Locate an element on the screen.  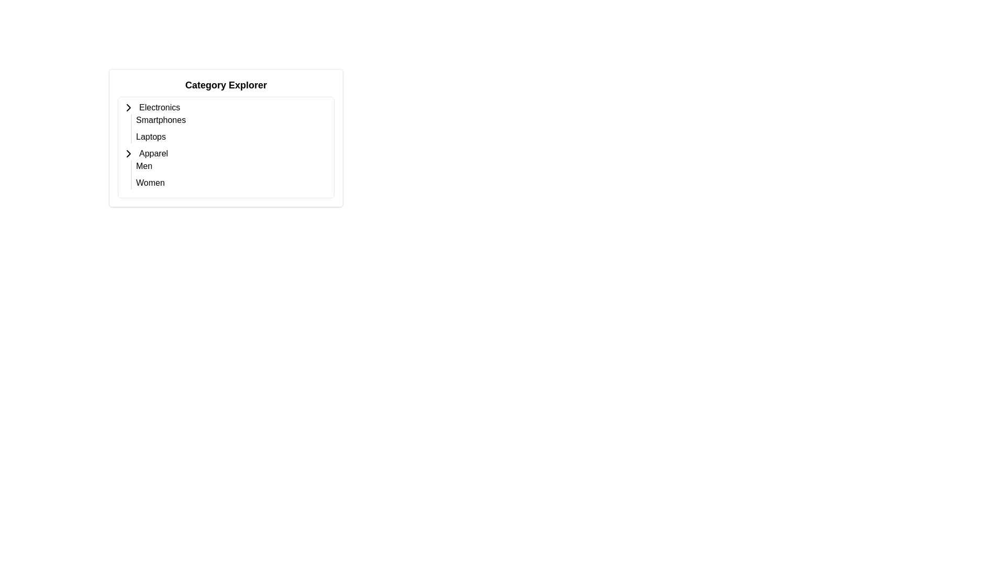
the 'Women' category link in the category explorer menu is located at coordinates (232, 183).